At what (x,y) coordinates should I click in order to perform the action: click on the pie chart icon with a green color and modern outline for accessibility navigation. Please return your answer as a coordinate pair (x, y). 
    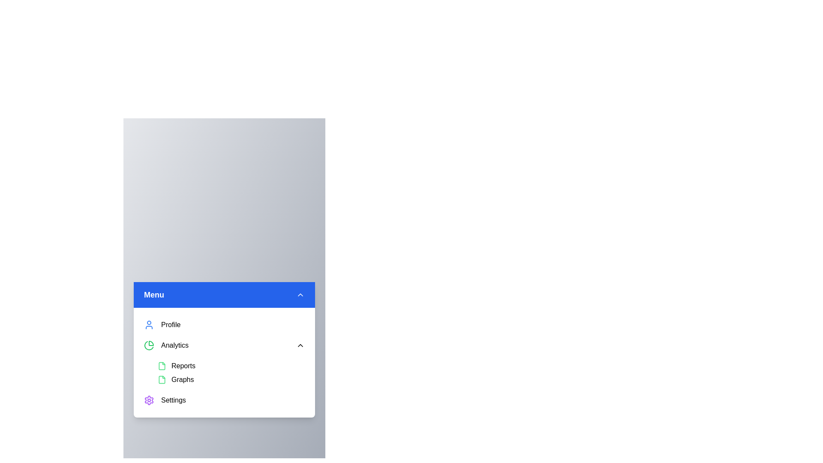
    Looking at the image, I should click on (149, 345).